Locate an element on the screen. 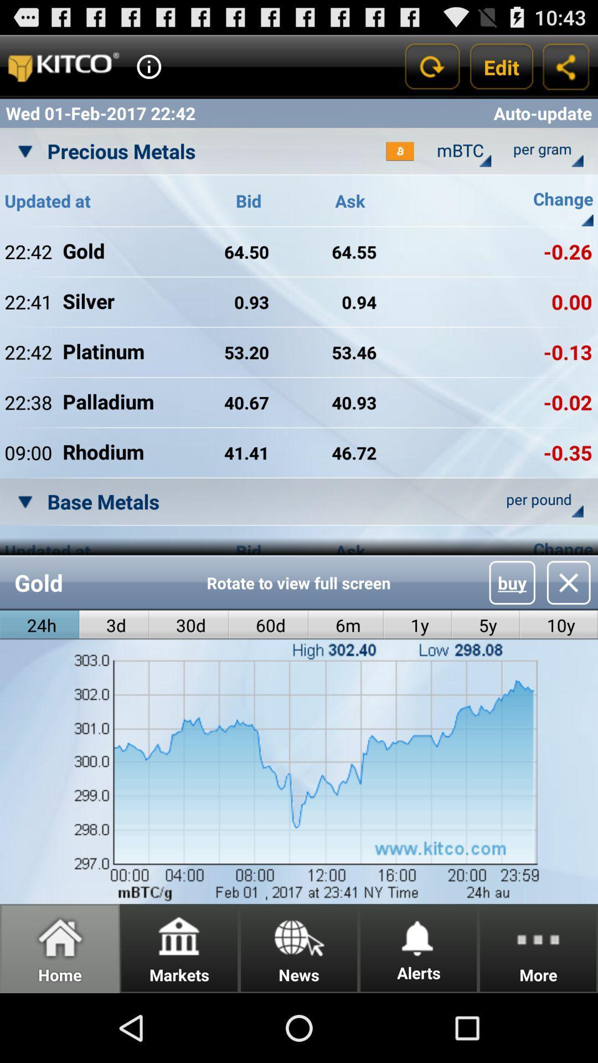 This screenshot has width=598, height=1063. get more information is located at coordinates (148, 66).